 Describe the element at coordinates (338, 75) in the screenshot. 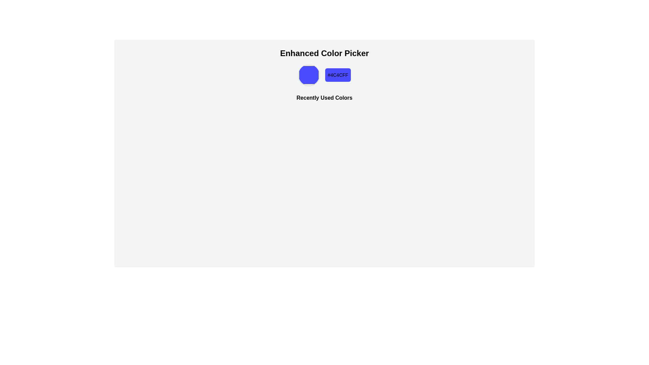

I see `the text label displaying '#4C4CFF' which is centered below the header 'Enhanced Color Picker'` at that location.